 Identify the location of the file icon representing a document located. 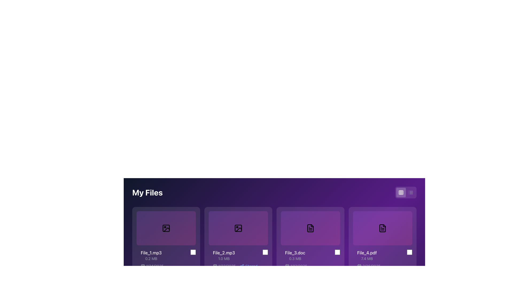
(310, 228).